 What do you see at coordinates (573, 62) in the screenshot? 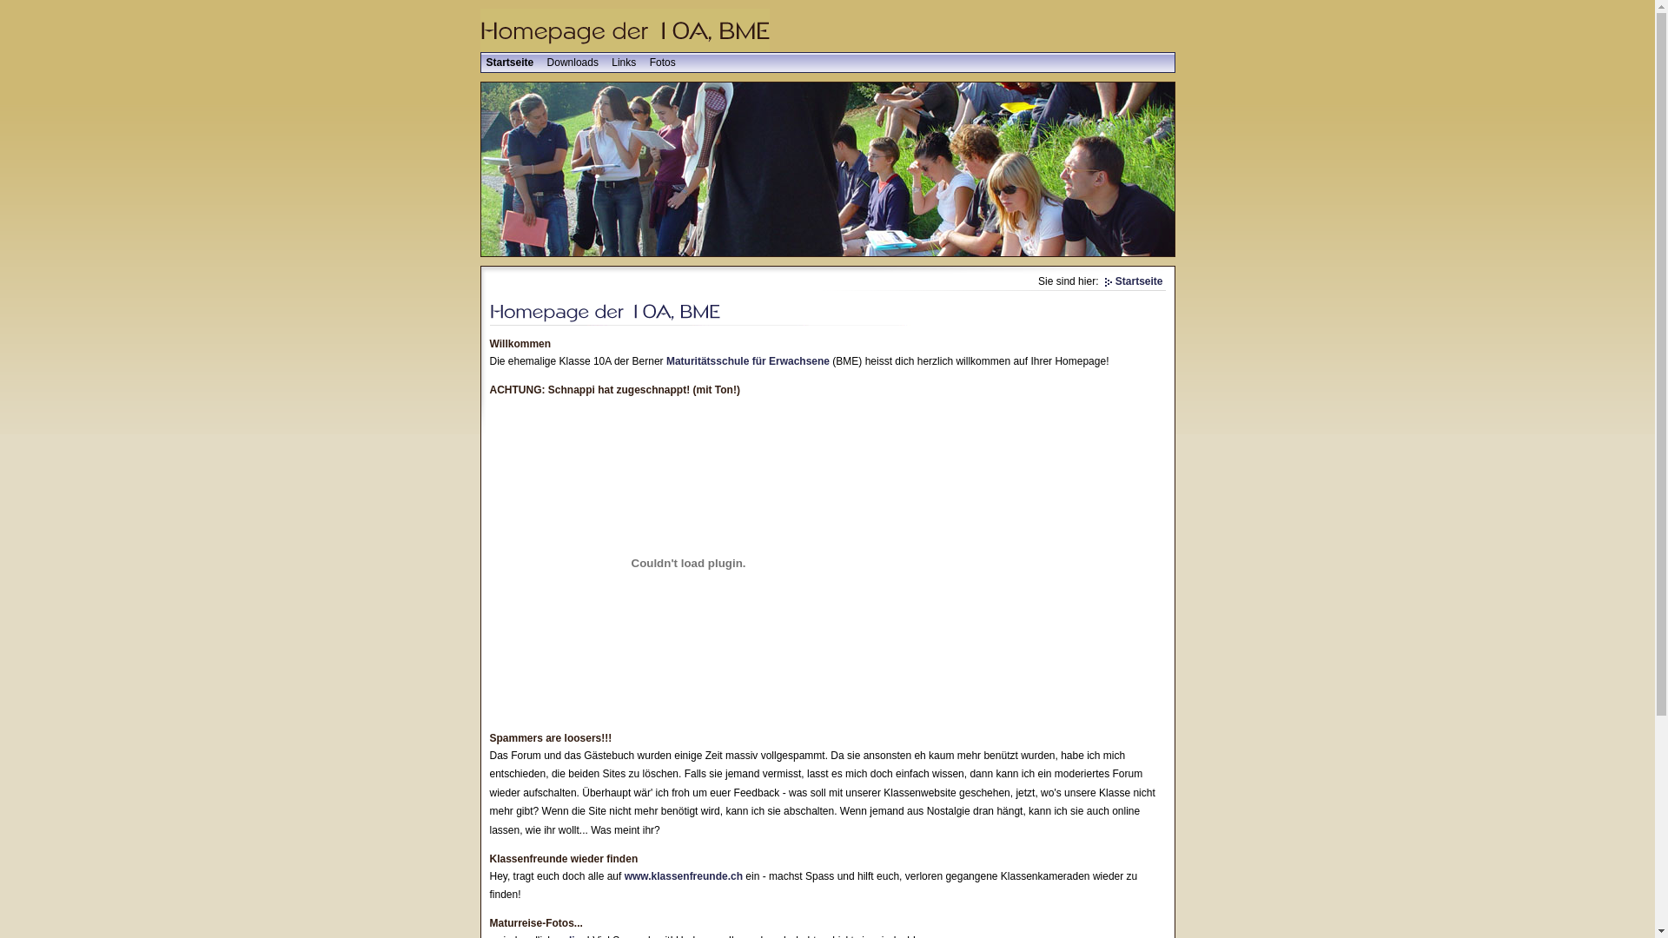
I see `'Downloads'` at bounding box center [573, 62].